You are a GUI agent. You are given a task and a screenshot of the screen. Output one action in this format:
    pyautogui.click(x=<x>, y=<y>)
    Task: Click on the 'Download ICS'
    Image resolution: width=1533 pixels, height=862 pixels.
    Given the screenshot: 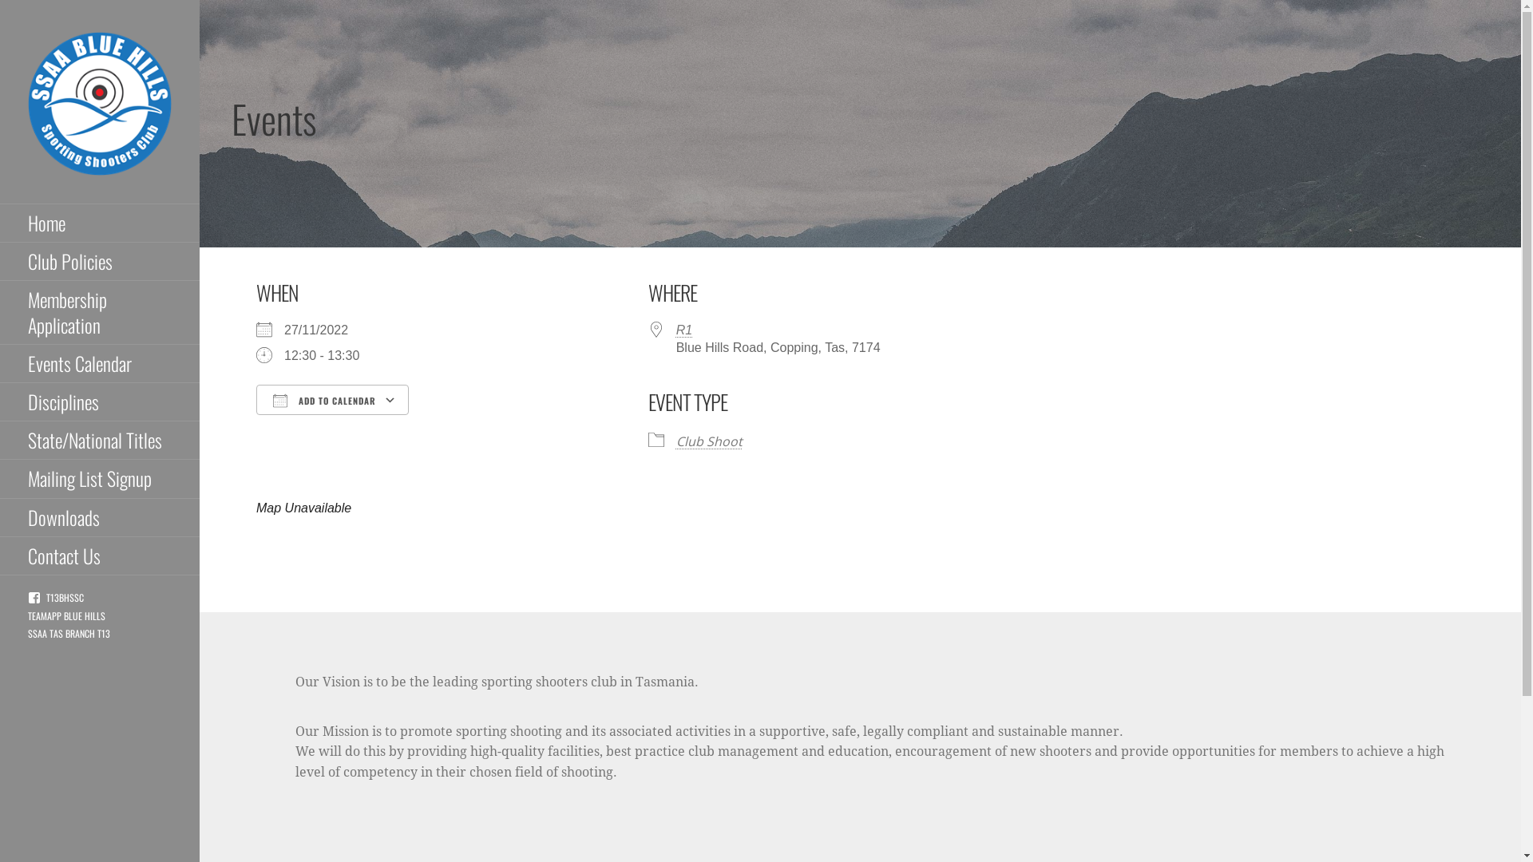 What is the action you would take?
    pyautogui.click(x=331, y=427)
    